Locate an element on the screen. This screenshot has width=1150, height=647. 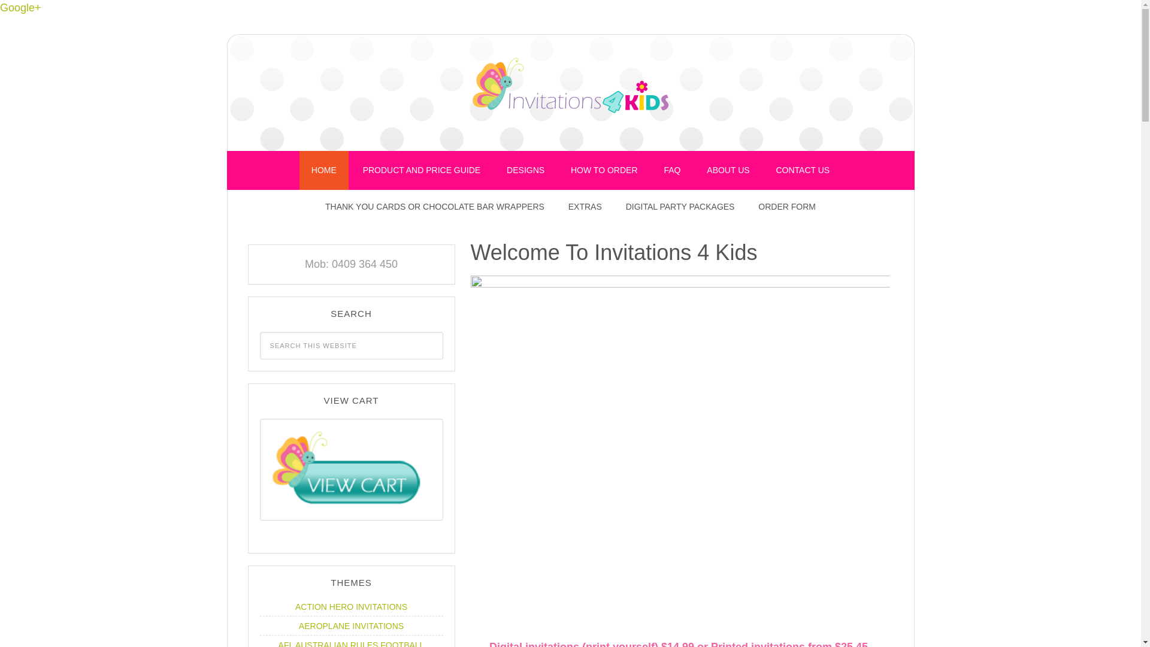
'Google+' is located at coordinates (20, 7).